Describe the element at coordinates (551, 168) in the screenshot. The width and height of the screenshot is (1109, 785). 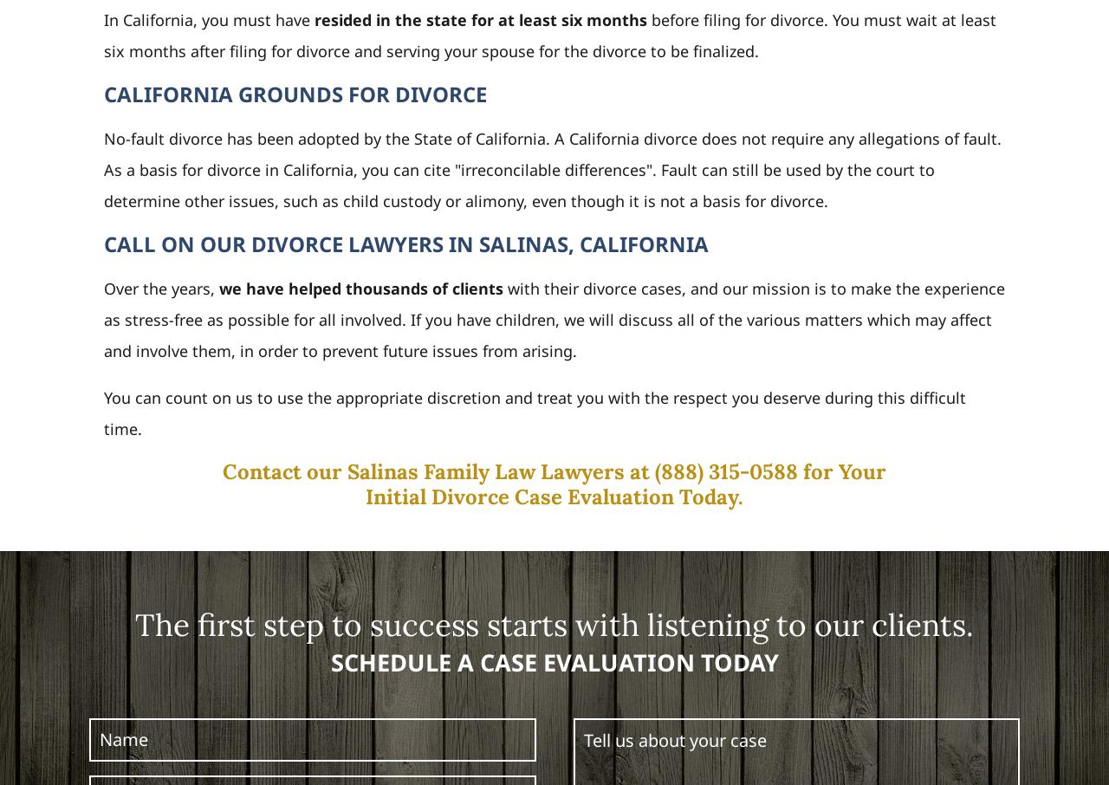
I see `'No-fault divorce has been adopted by the State of California. A California
	 divorce does not require any allegations of fault. As a basis for divorce
	 in California, you can cite "irreconcilable differences". Fault
	 can still be used by the court to determine other issues, such as child
	 custody or alimony, even though it is not a basis for divorce.'` at that location.